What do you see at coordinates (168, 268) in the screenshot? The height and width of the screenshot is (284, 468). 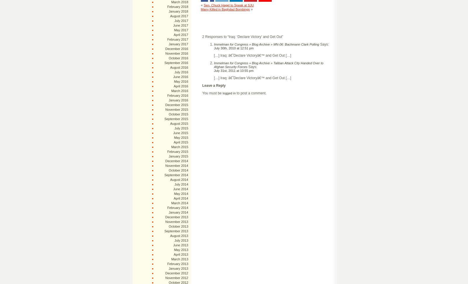 I see `'January 2013'` at bounding box center [168, 268].